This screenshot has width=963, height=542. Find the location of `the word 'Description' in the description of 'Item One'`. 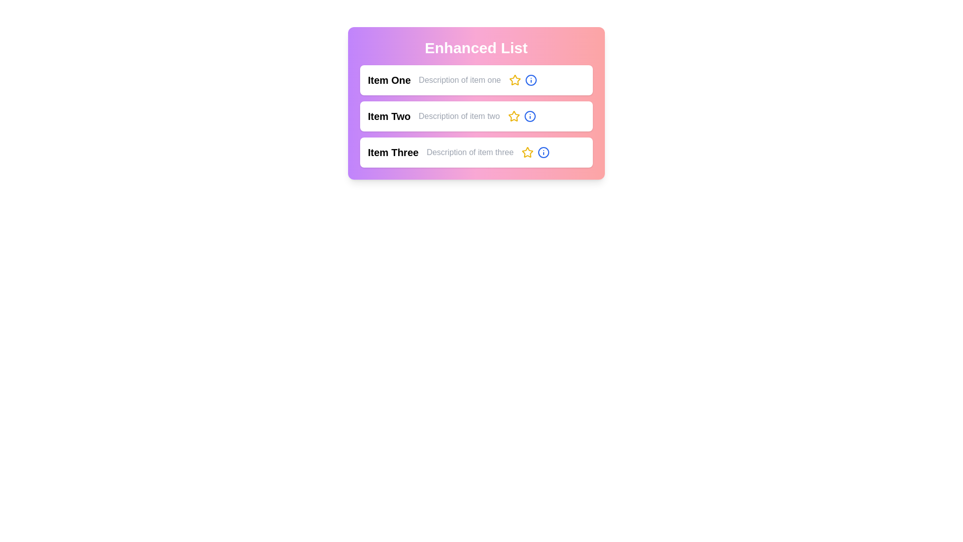

the word 'Description' in the description of 'Item One' is located at coordinates (459, 79).